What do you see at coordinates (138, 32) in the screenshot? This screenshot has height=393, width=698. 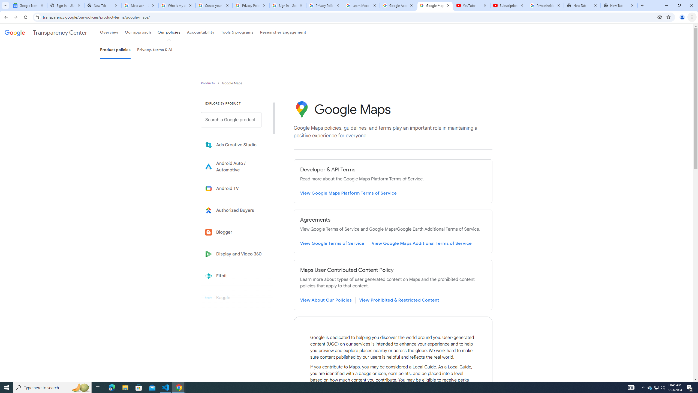 I see `'Our approach'` at bounding box center [138, 32].